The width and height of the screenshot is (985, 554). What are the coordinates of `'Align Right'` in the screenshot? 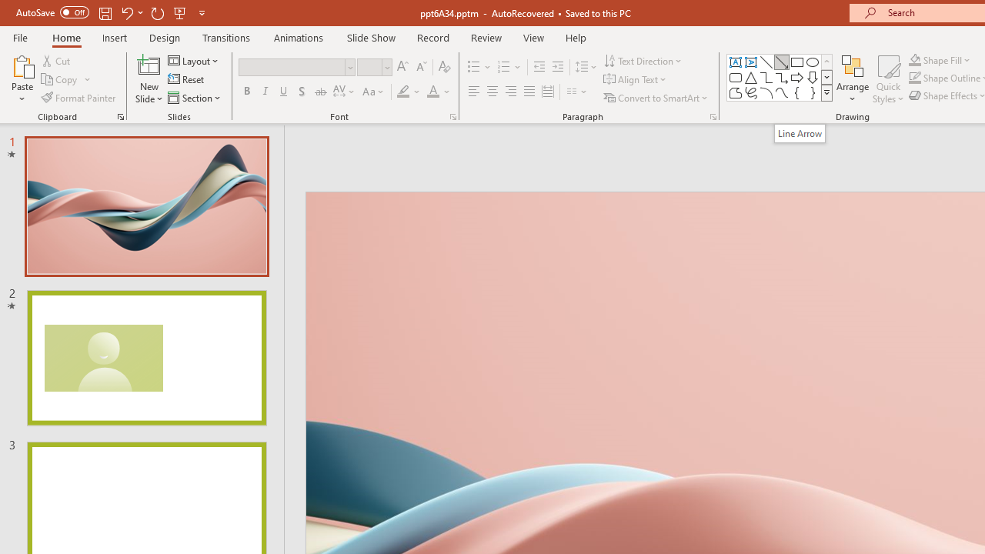 It's located at (510, 92).